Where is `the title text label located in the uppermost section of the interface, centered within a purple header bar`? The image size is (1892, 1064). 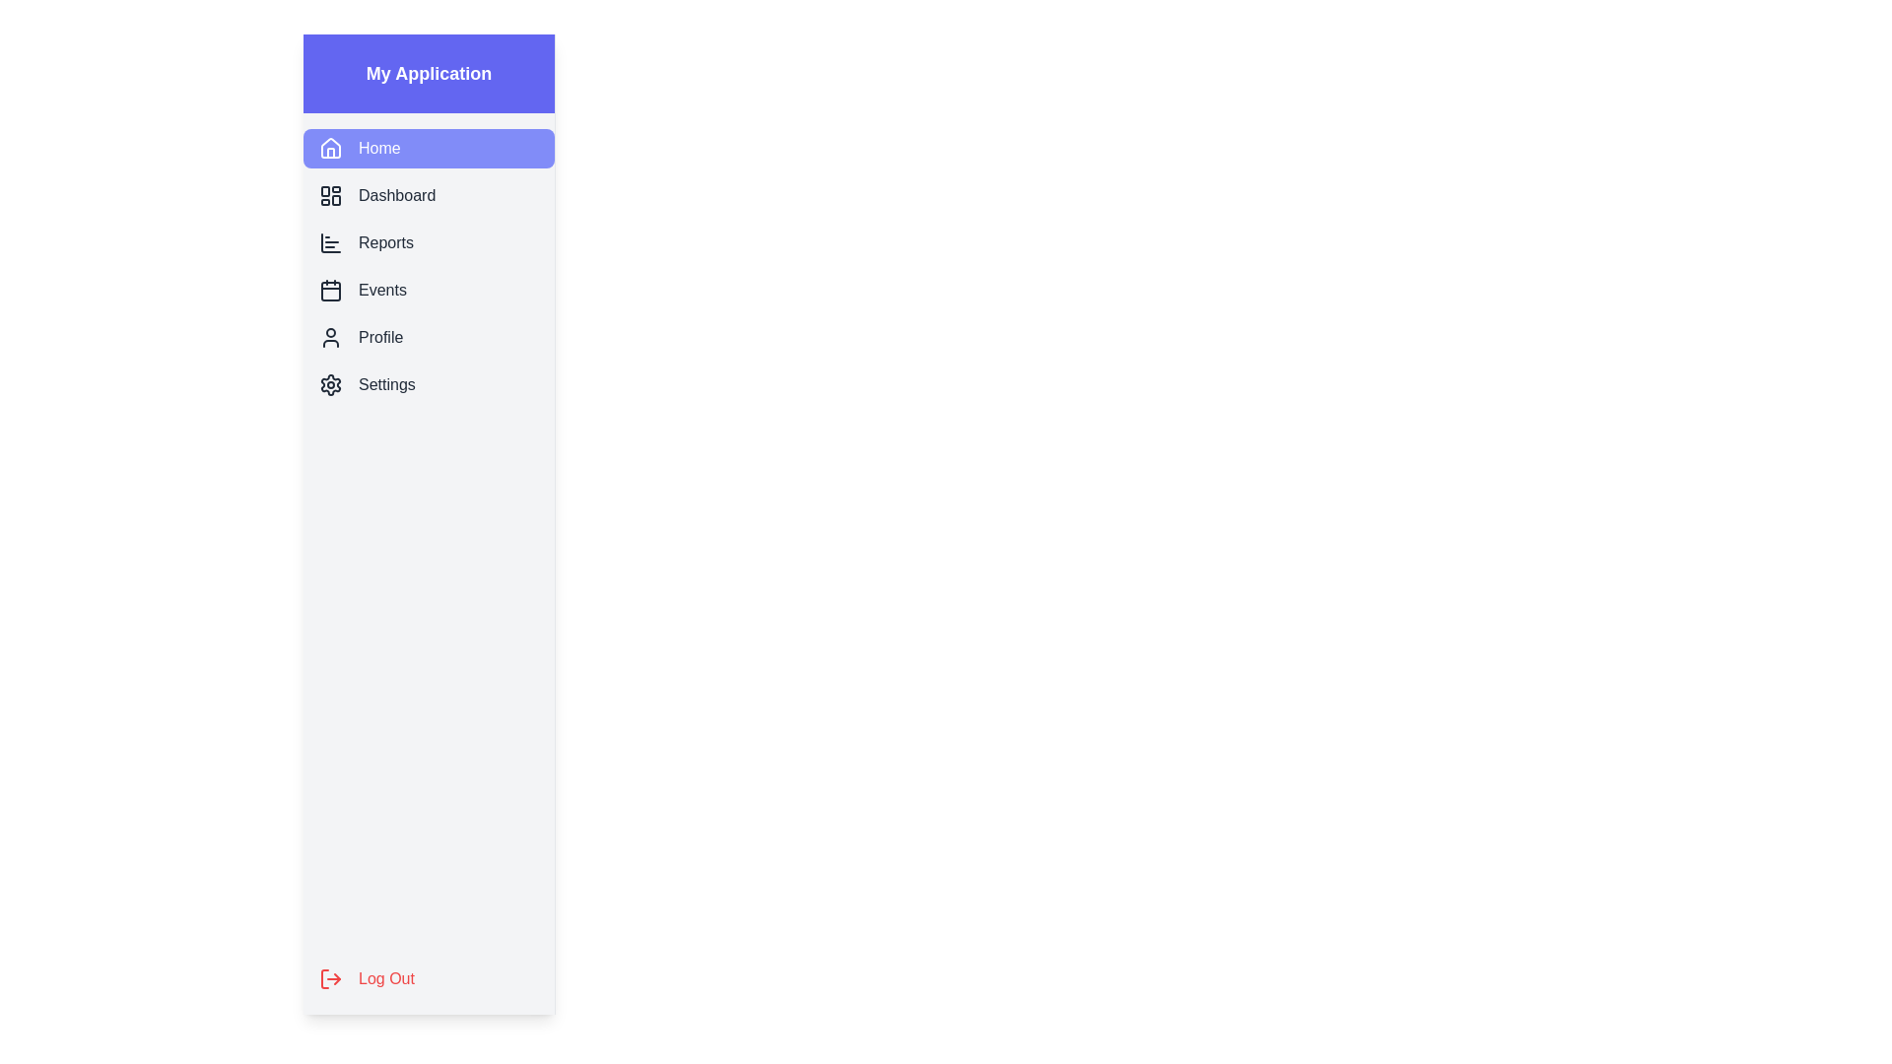 the title text label located in the uppermost section of the interface, centered within a purple header bar is located at coordinates (428, 72).